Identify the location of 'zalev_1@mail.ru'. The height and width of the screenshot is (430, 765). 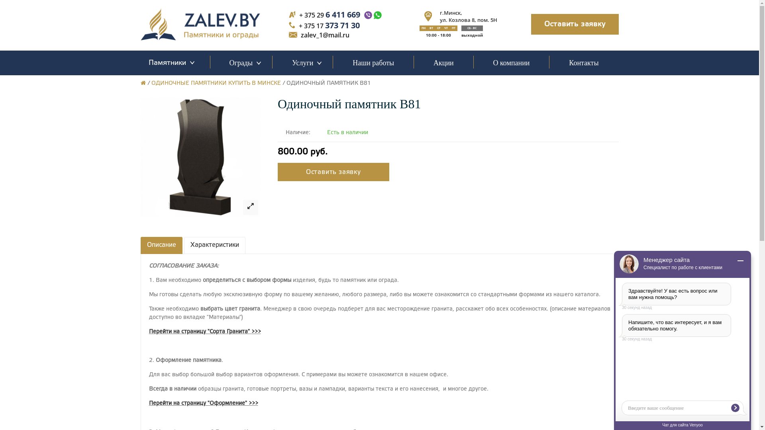
(325, 35).